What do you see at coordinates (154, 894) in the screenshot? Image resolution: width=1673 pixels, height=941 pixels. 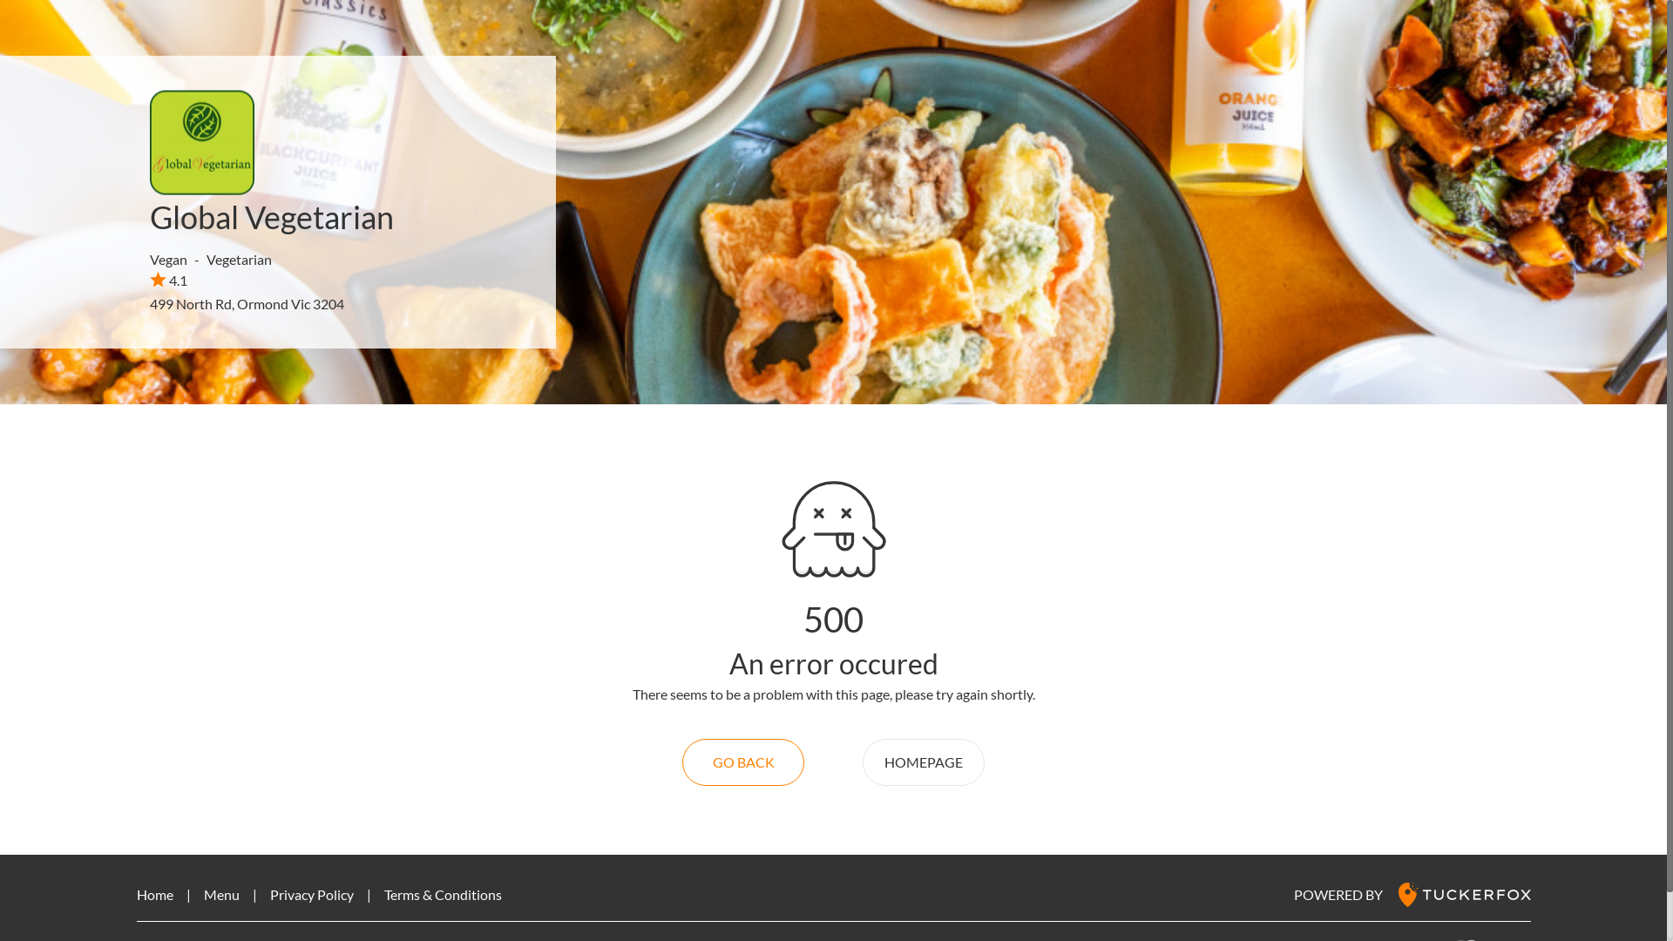 I see `'Home'` at bounding box center [154, 894].